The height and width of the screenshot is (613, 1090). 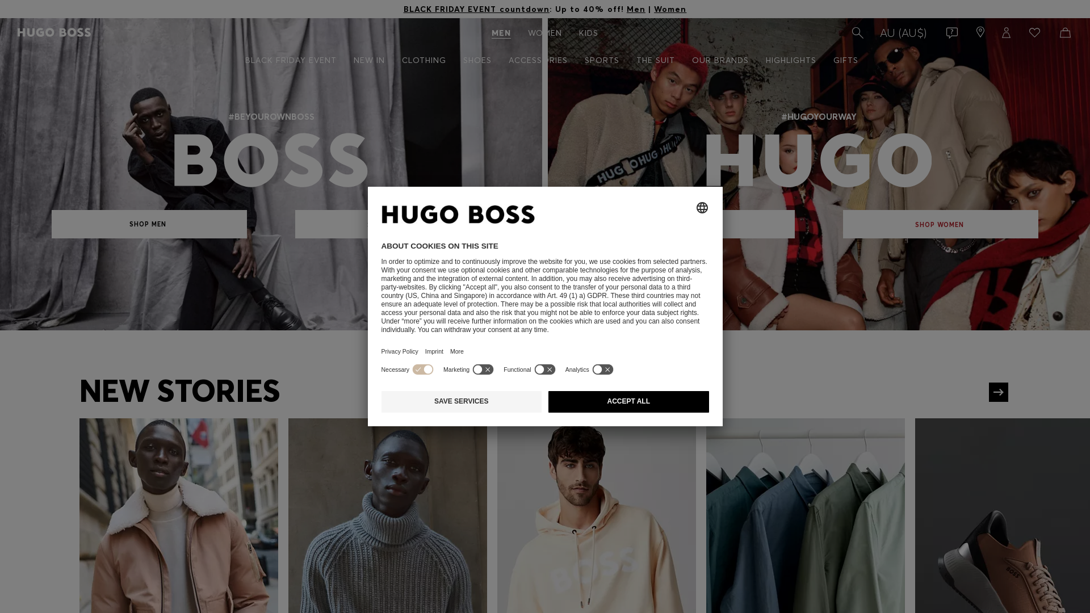 What do you see at coordinates (403, 9) in the screenshot?
I see `'BLACK FRIDAY EVENT countdown'` at bounding box center [403, 9].